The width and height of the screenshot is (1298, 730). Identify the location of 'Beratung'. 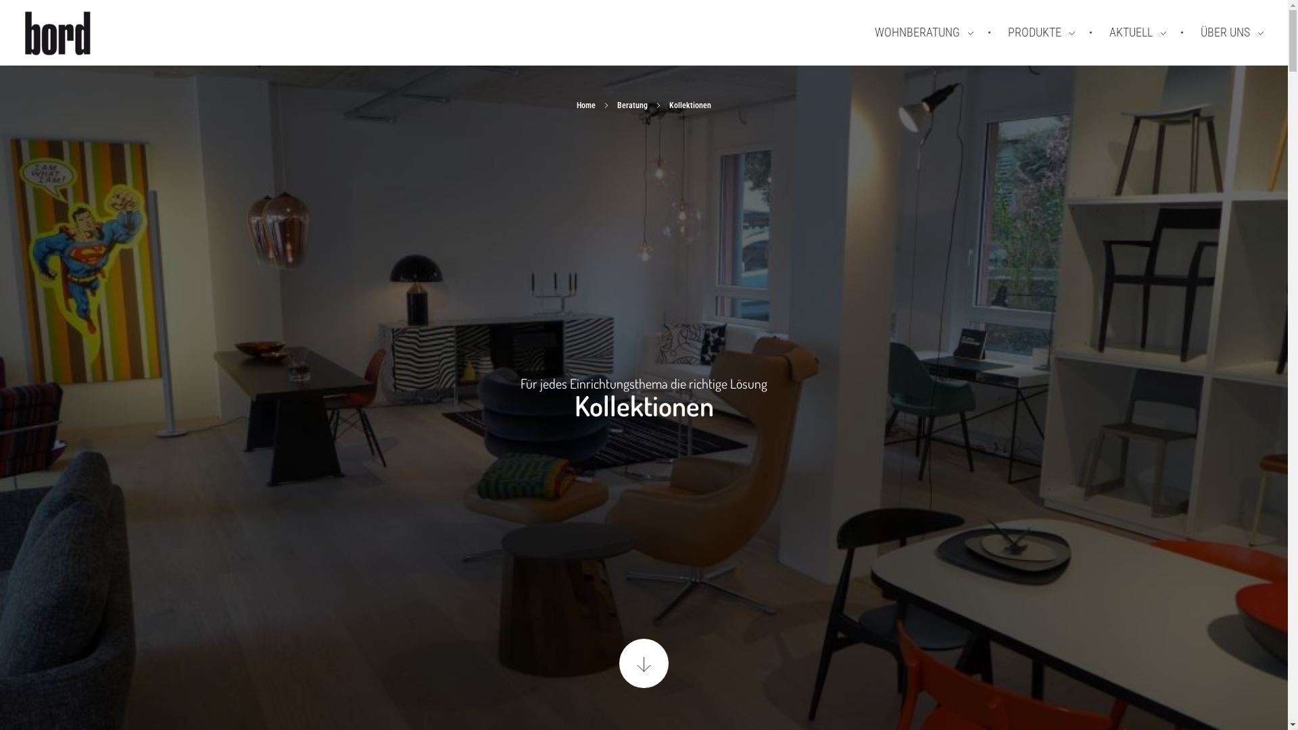
(631, 104).